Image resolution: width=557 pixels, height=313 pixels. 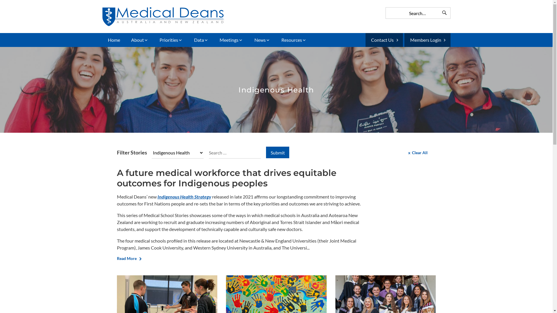 I want to click on 'Home', so click(x=114, y=40).